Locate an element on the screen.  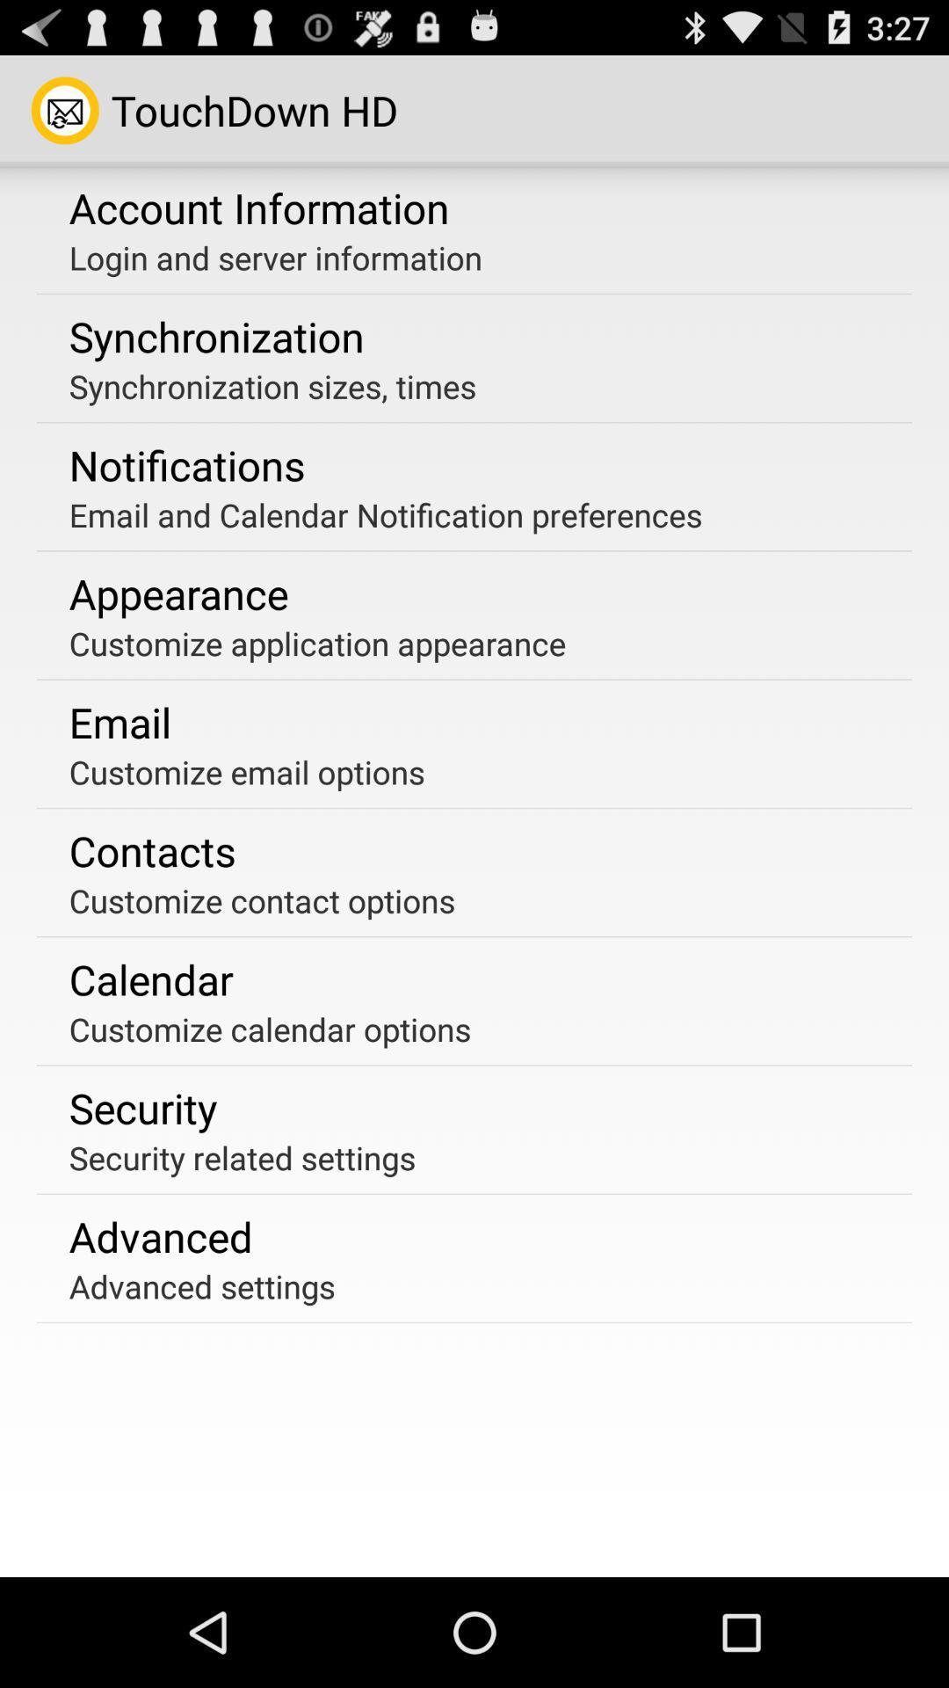
the notifications is located at coordinates (186, 465).